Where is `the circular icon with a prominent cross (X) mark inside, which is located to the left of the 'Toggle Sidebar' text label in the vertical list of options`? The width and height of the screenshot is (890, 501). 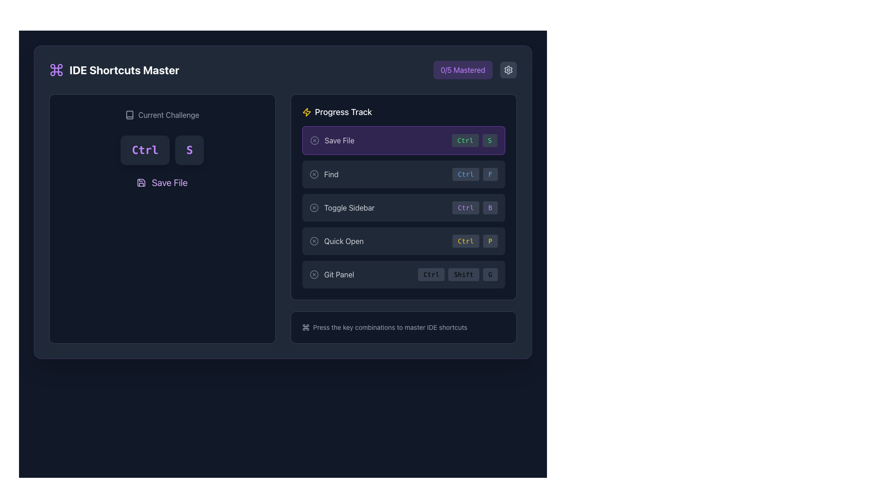
the circular icon with a prominent cross (X) mark inside, which is located to the left of the 'Toggle Sidebar' text label in the vertical list of options is located at coordinates (314, 207).